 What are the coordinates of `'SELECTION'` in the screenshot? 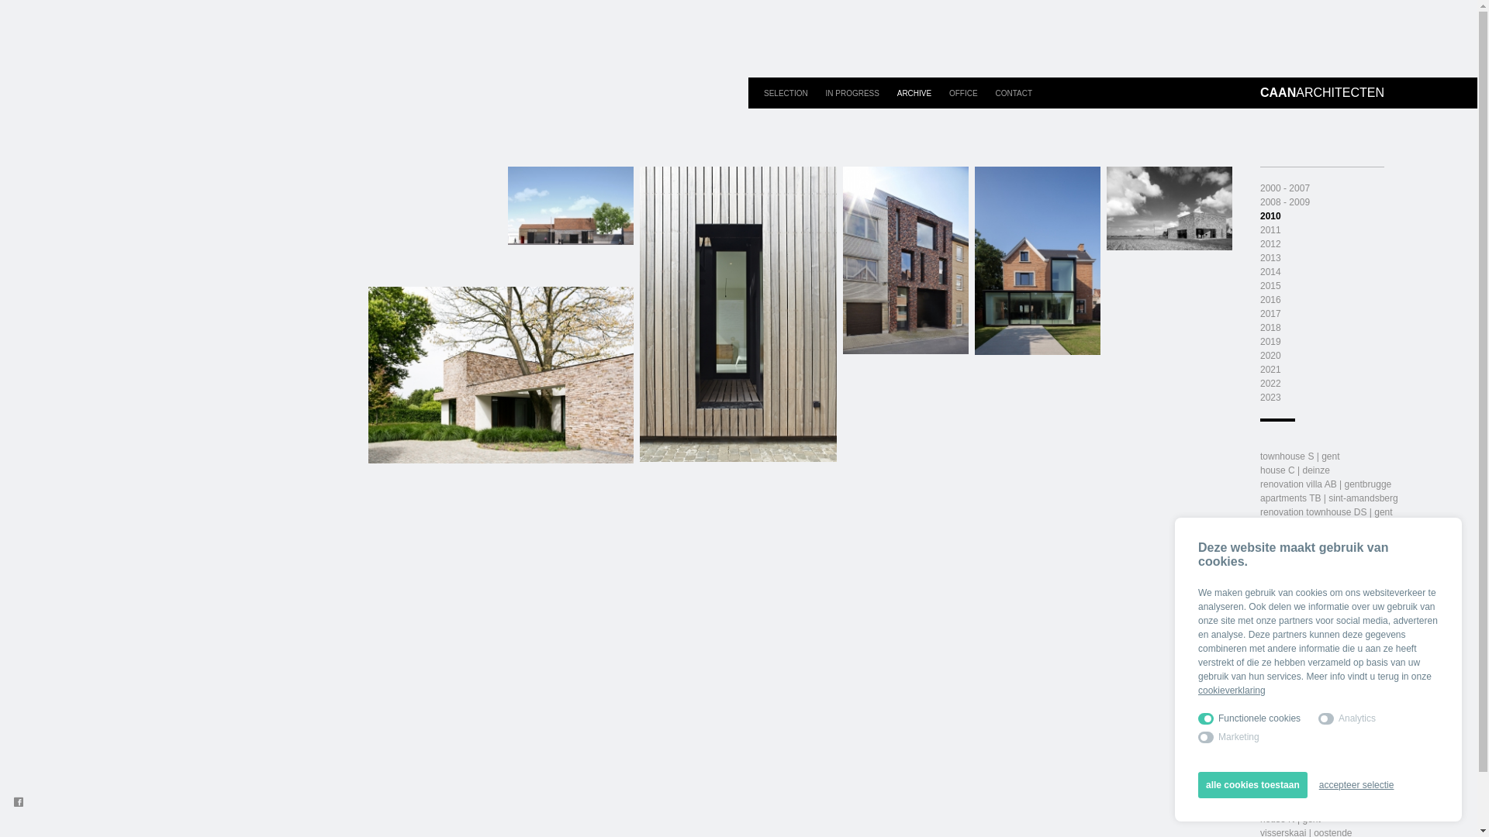 It's located at (786, 93).